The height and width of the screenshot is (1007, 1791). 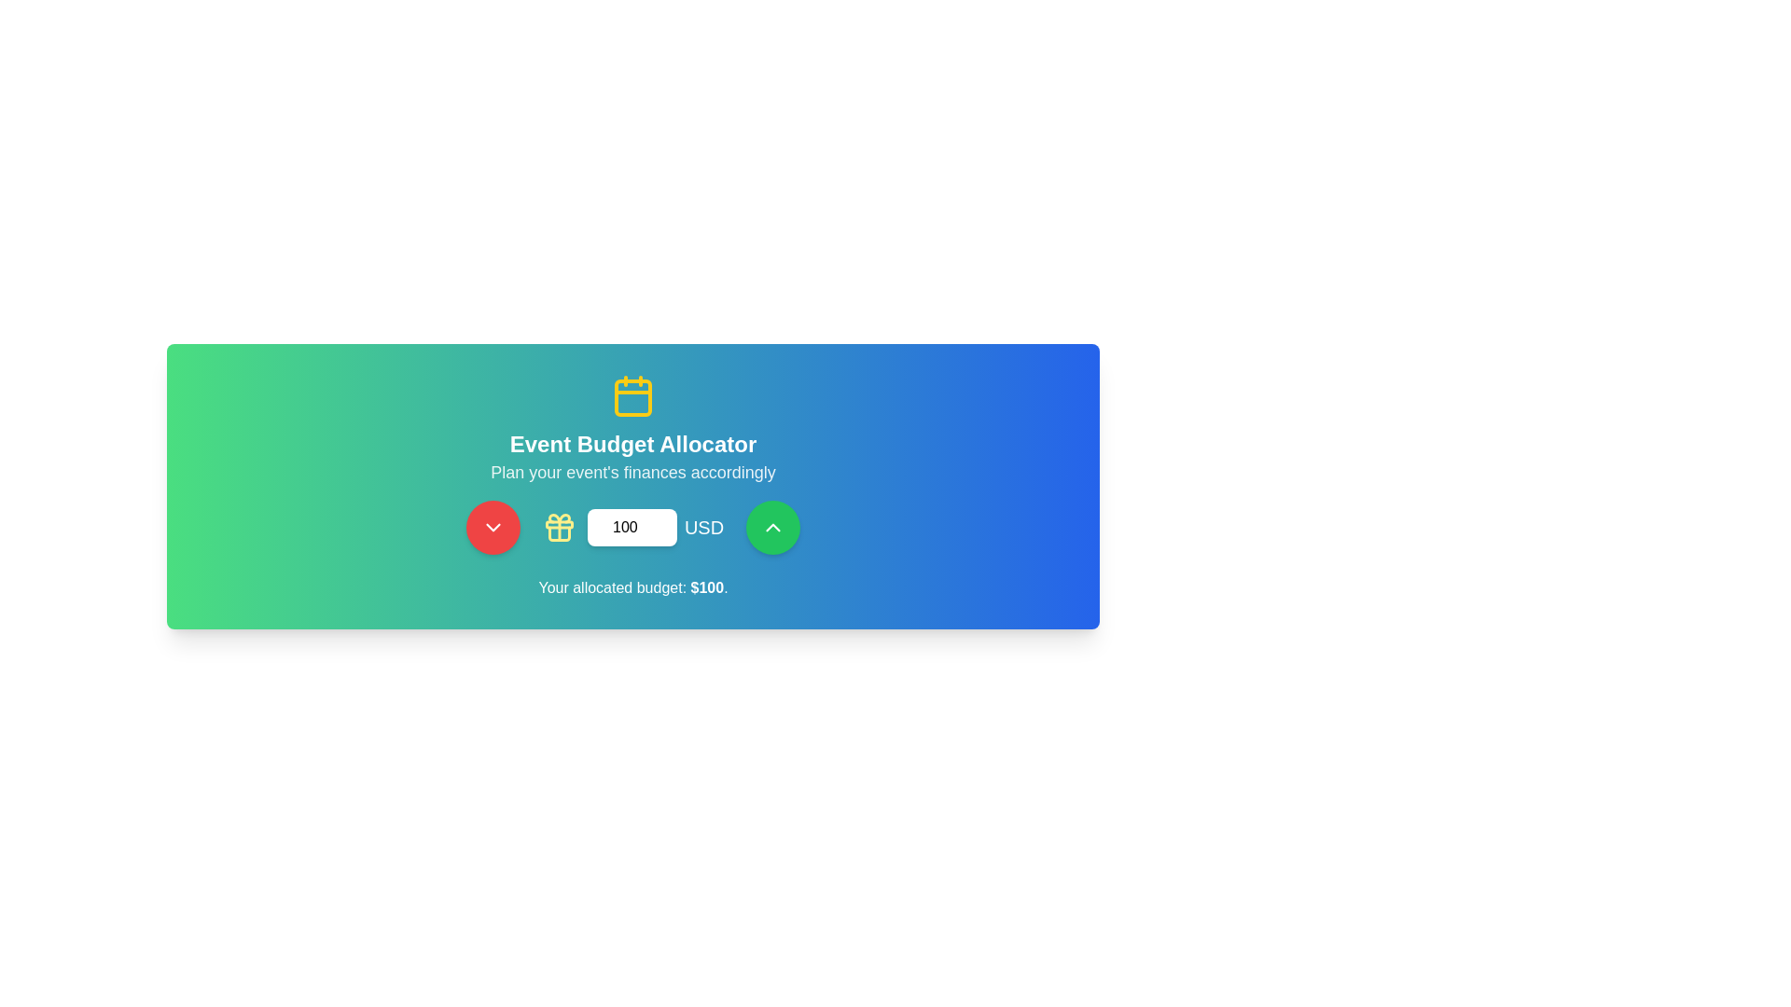 I want to click on the text label that displays the message 'Plan your event's finances accordingly', which is positioned directly below the heading 'Event Budget Allocator' and is centered in the interface, so click(x=632, y=471).